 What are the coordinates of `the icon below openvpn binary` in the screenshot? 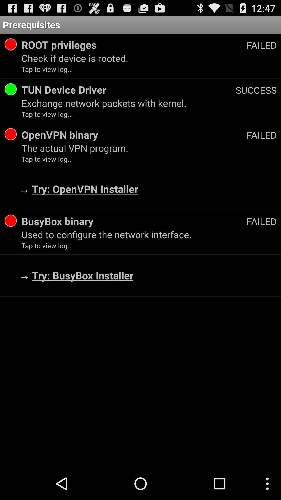 It's located at (149, 148).